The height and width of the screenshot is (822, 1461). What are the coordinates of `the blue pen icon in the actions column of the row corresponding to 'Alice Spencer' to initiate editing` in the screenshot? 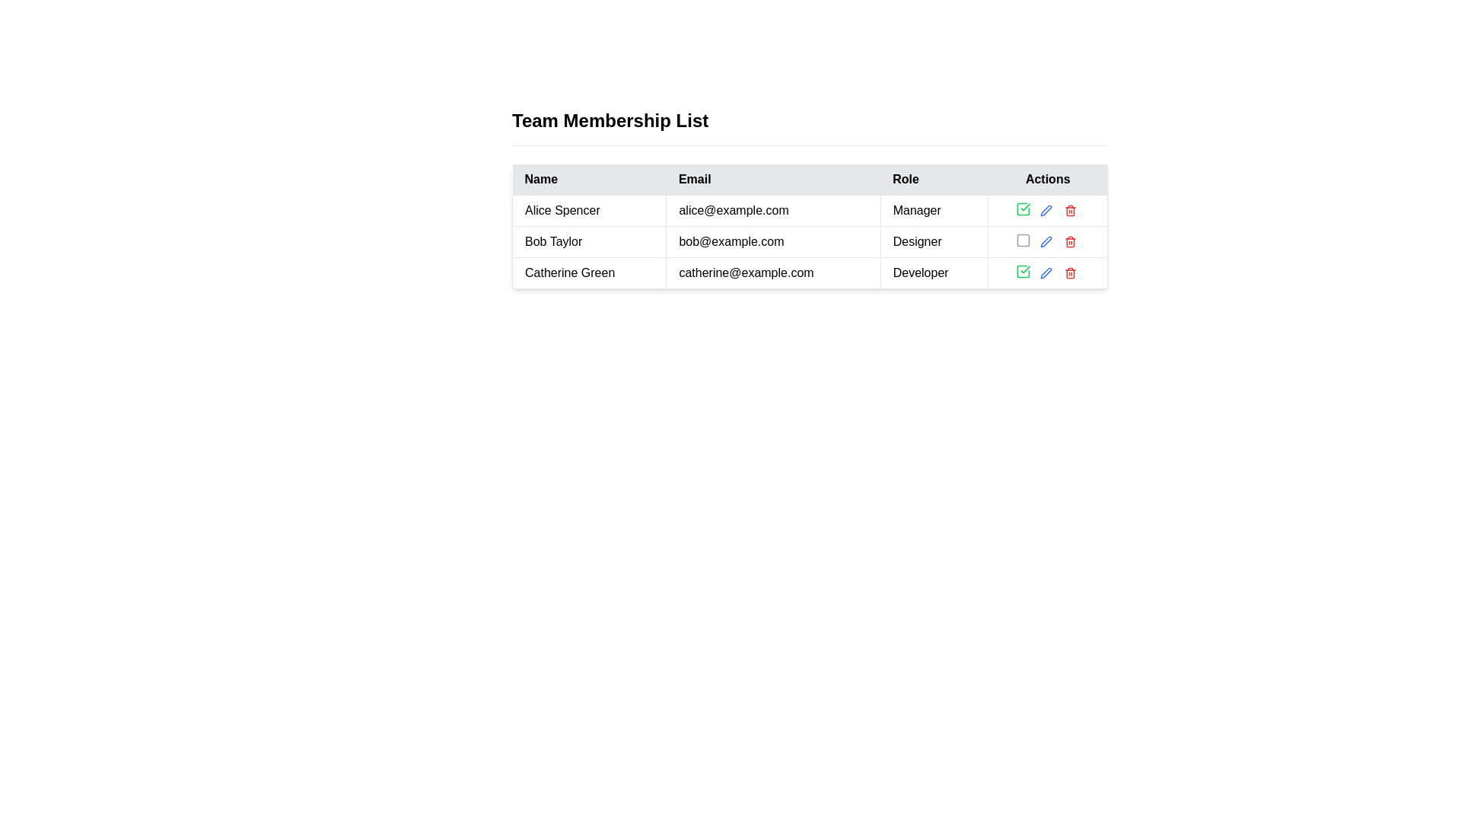 It's located at (1047, 211).